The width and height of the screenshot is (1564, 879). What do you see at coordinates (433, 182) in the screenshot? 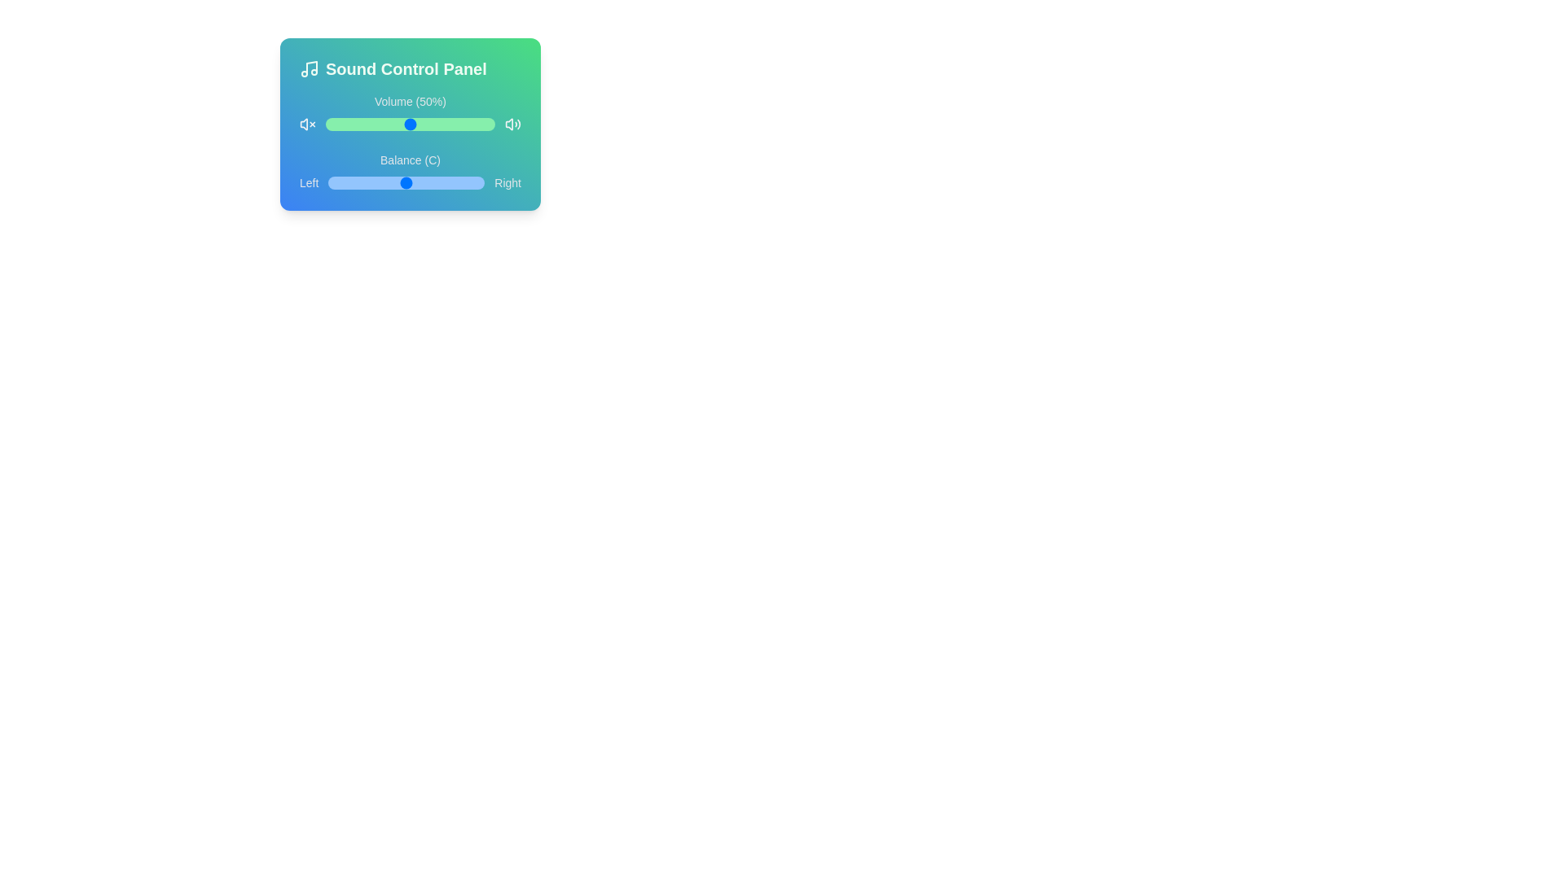
I see `the balance` at bounding box center [433, 182].